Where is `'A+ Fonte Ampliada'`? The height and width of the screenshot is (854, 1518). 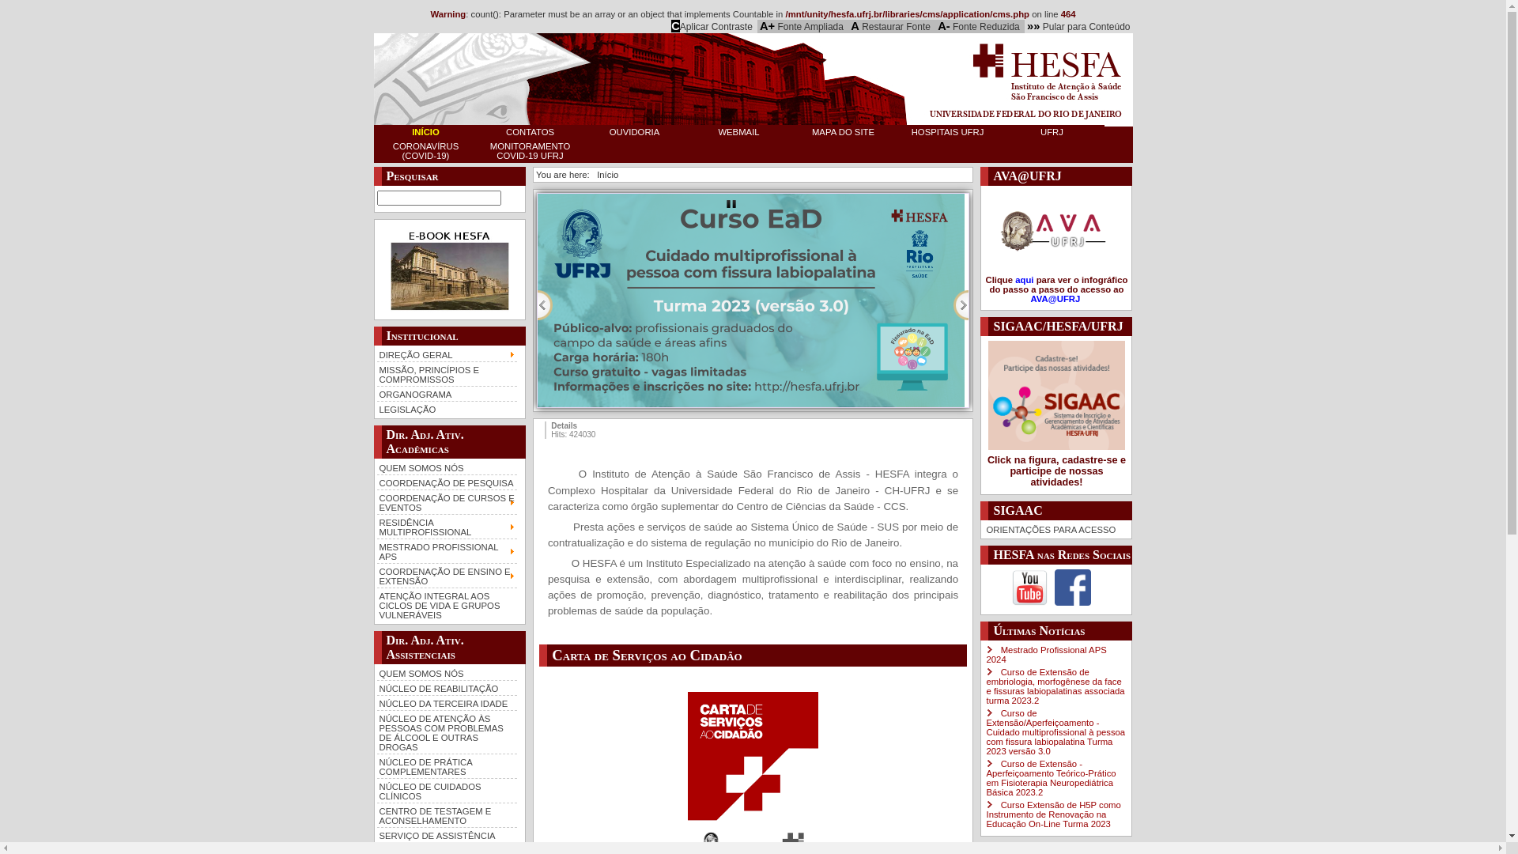
'A+ Fonte Ampliada' is located at coordinates (801, 26).